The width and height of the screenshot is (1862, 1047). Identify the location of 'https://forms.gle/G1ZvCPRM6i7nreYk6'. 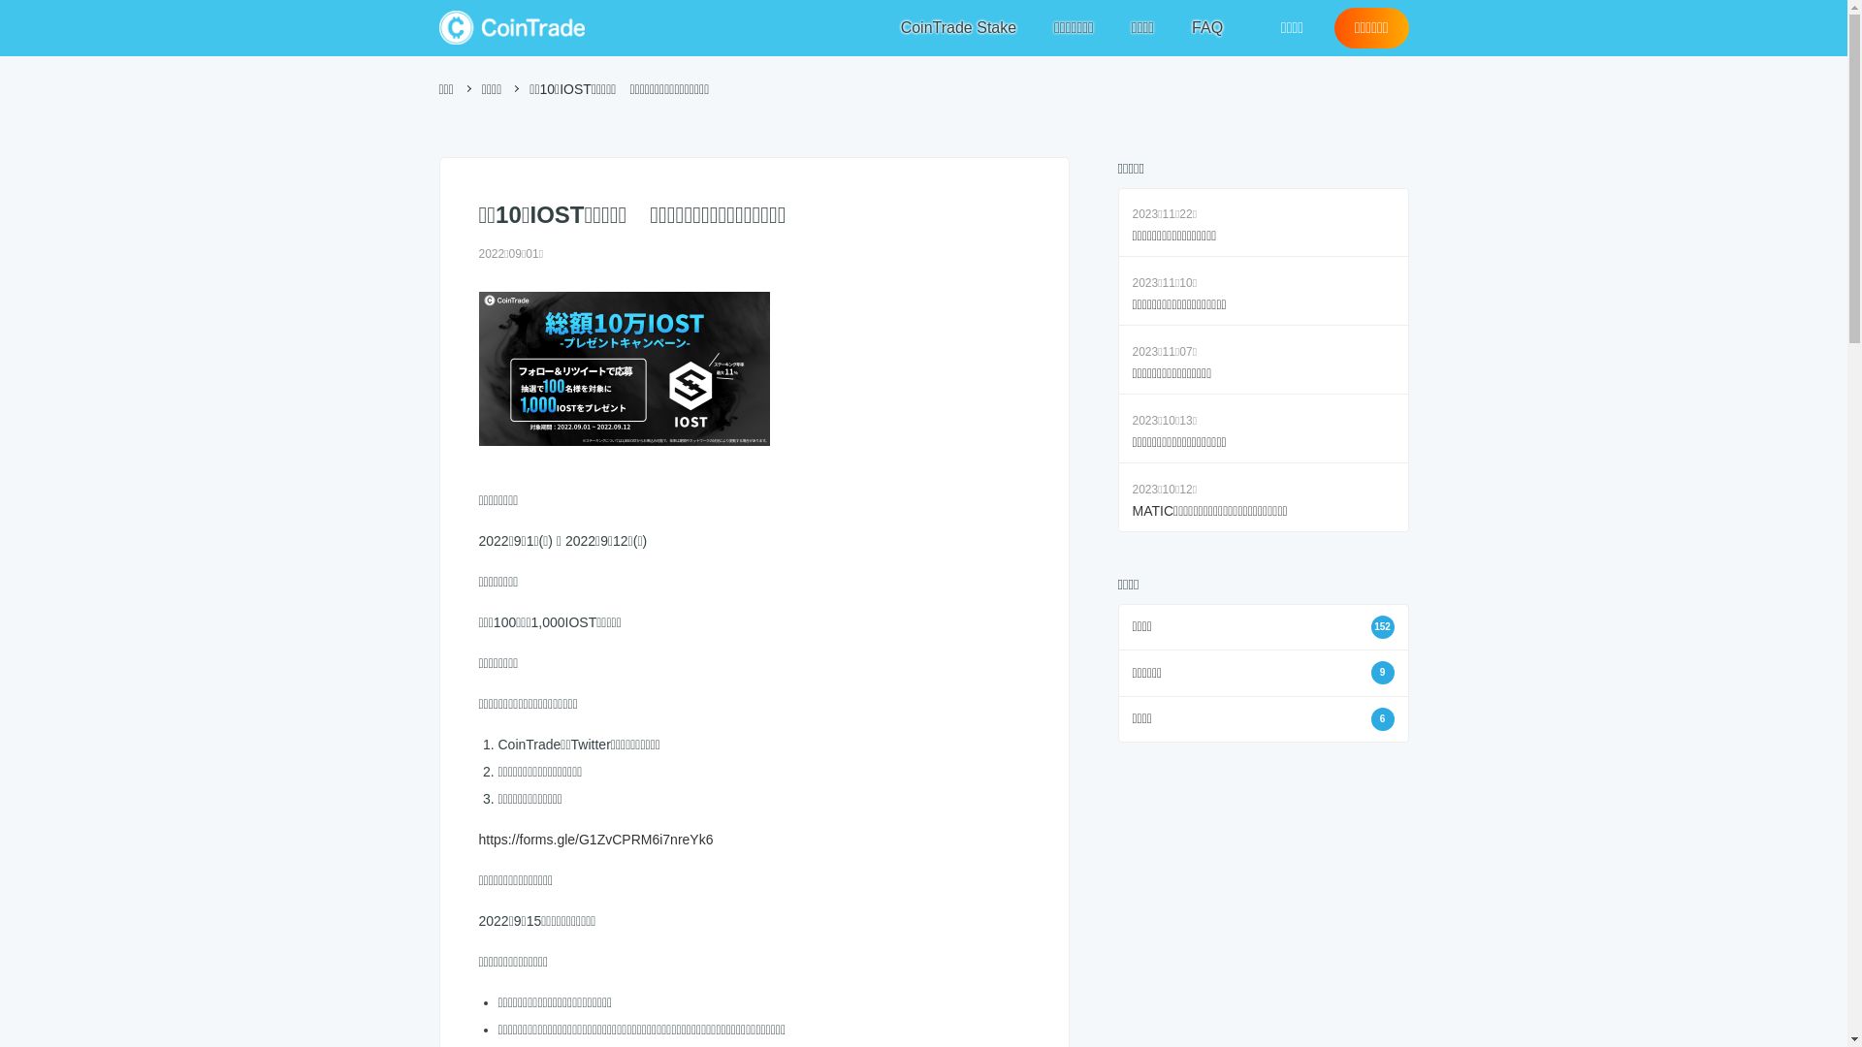
(479, 839).